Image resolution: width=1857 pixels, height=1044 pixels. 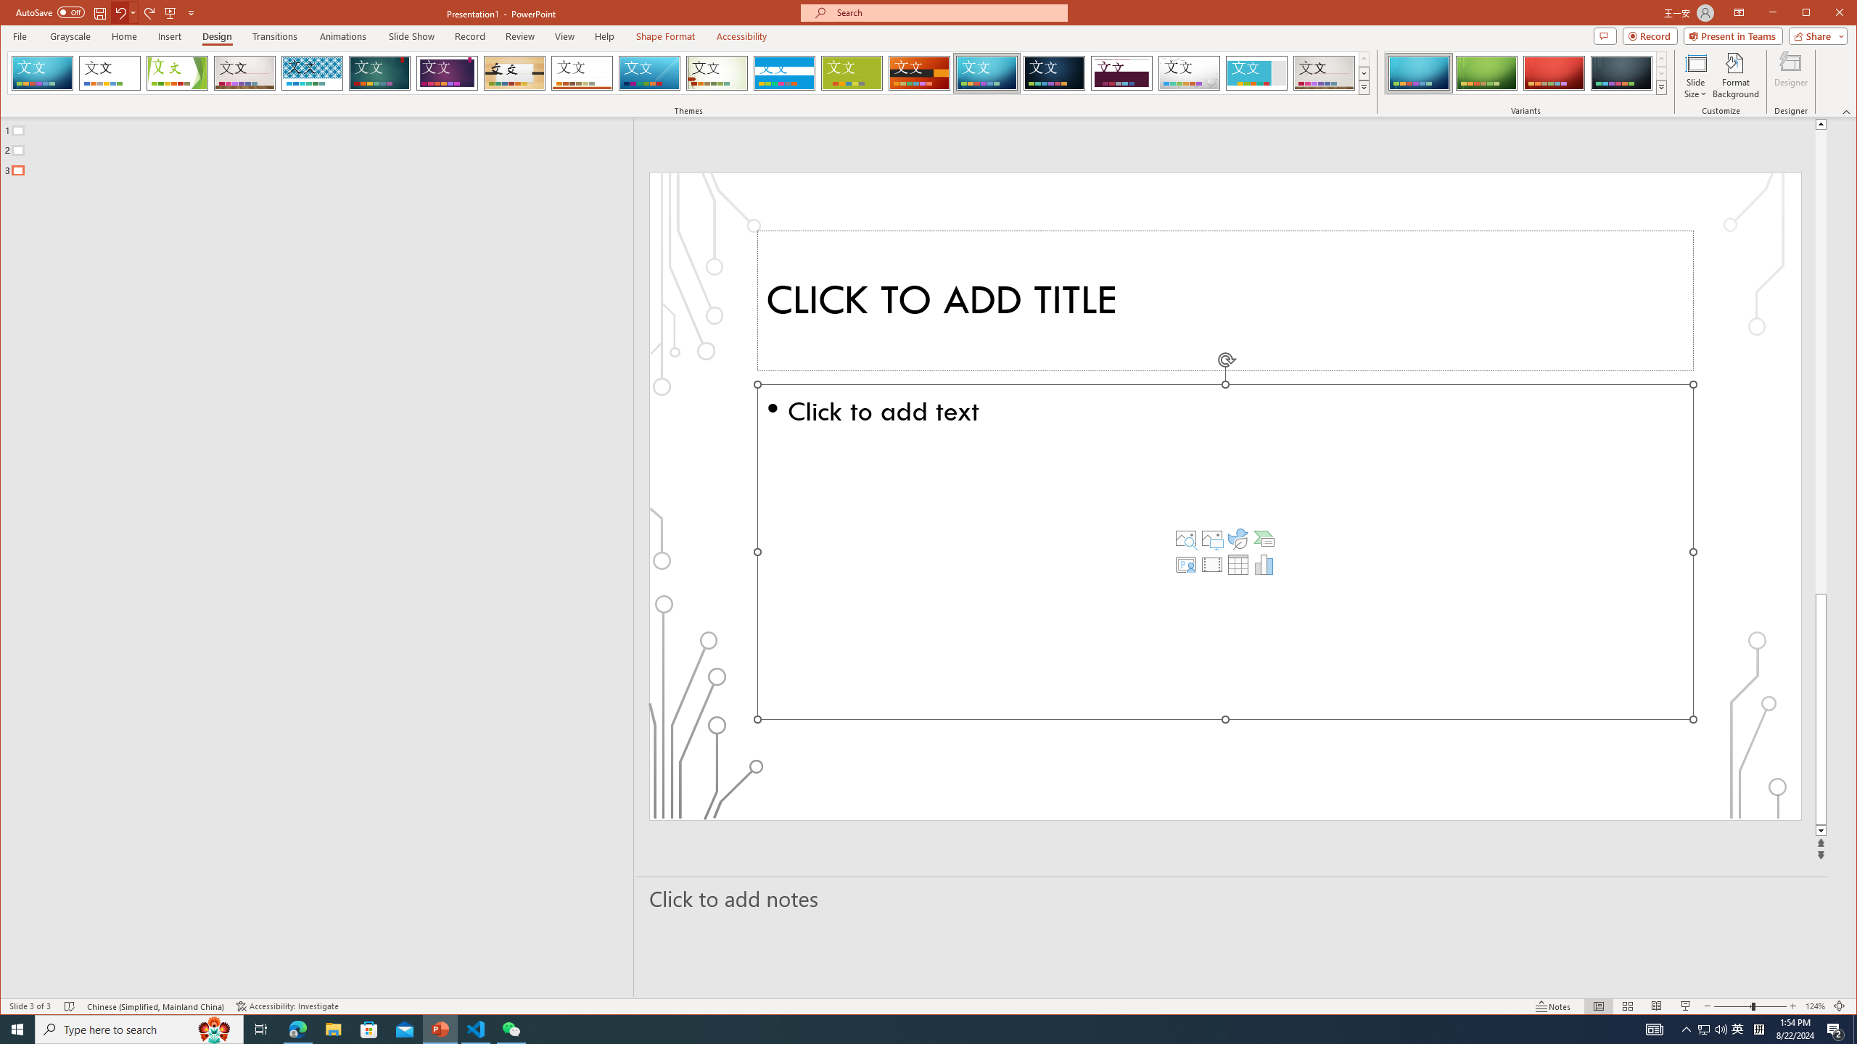 I want to click on 'Circuit Variant 2', so click(x=1486, y=72).